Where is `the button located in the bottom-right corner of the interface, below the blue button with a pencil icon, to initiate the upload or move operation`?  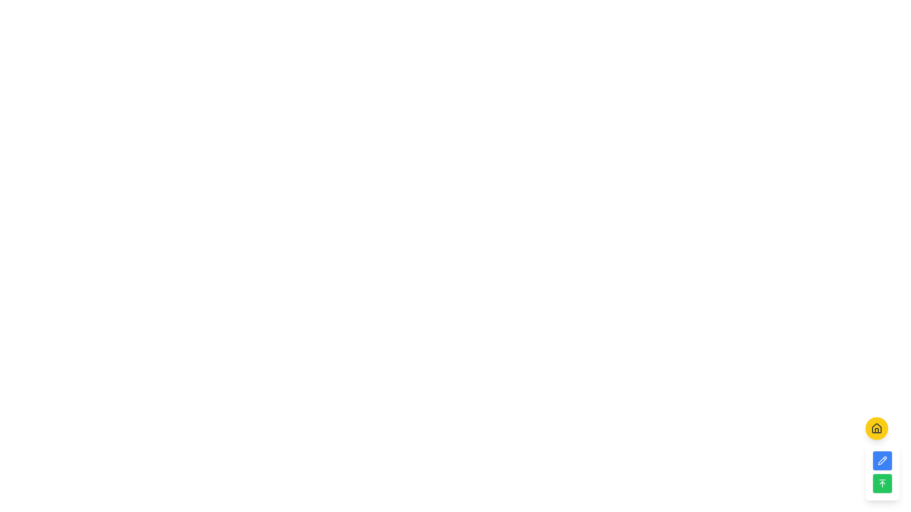 the button located in the bottom-right corner of the interface, below the blue button with a pencil icon, to initiate the upload or move operation is located at coordinates (882, 483).